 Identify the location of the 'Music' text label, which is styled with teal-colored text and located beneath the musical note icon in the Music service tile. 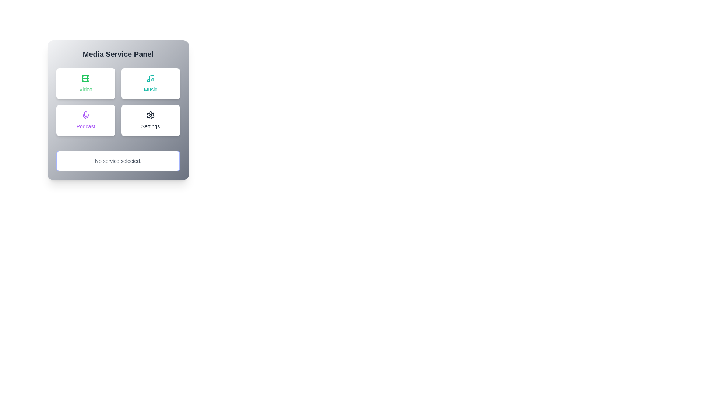
(150, 89).